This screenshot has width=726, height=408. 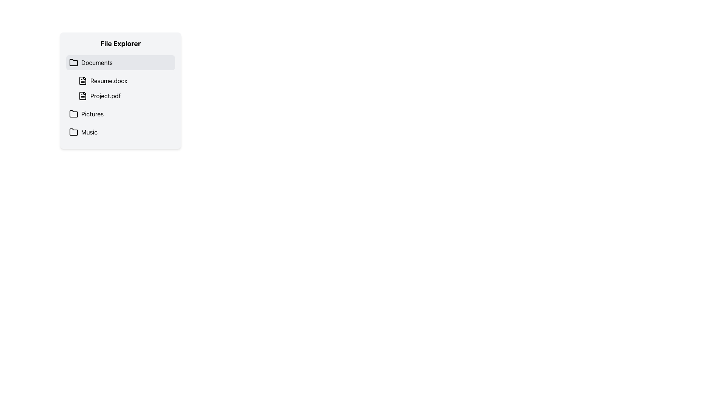 I want to click on the list item labeled 'Resume.docx' in the file explorer, so click(x=125, y=80).